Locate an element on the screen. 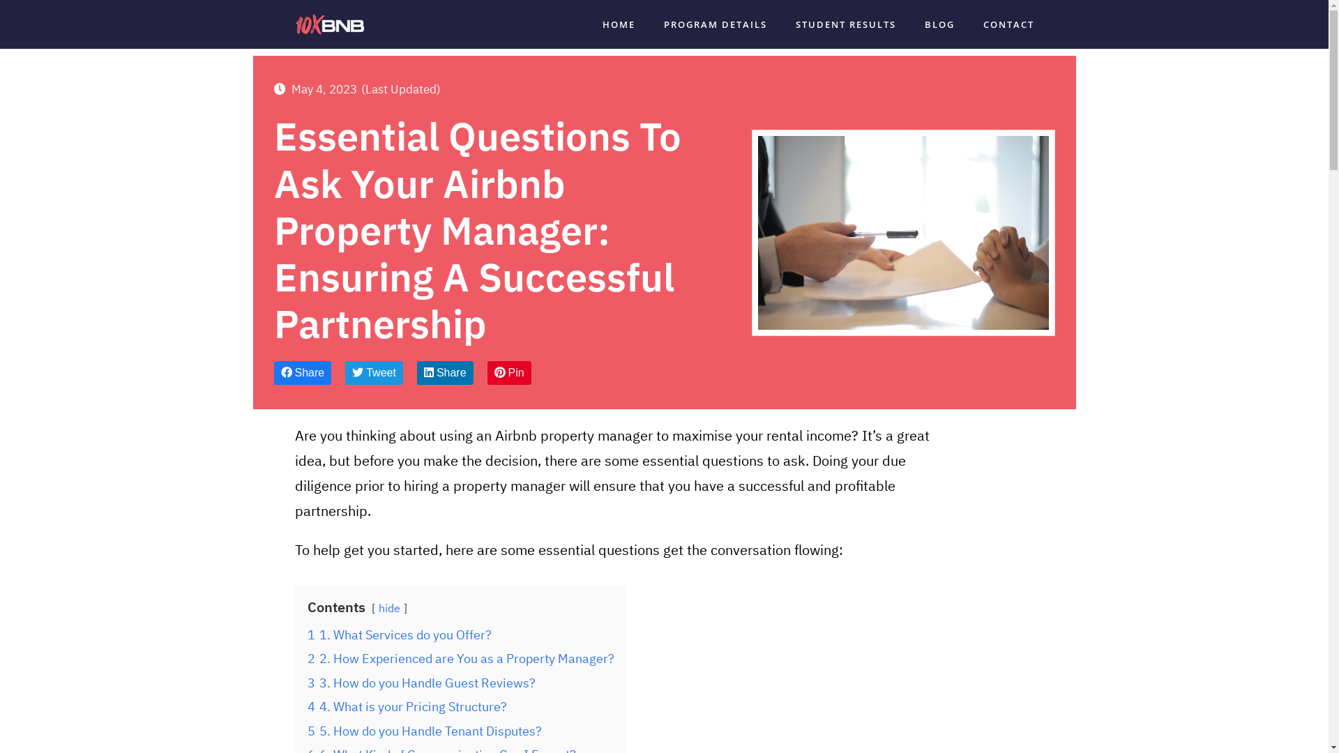 This screenshot has height=753, width=1339. 'Share' is located at coordinates (416, 372).